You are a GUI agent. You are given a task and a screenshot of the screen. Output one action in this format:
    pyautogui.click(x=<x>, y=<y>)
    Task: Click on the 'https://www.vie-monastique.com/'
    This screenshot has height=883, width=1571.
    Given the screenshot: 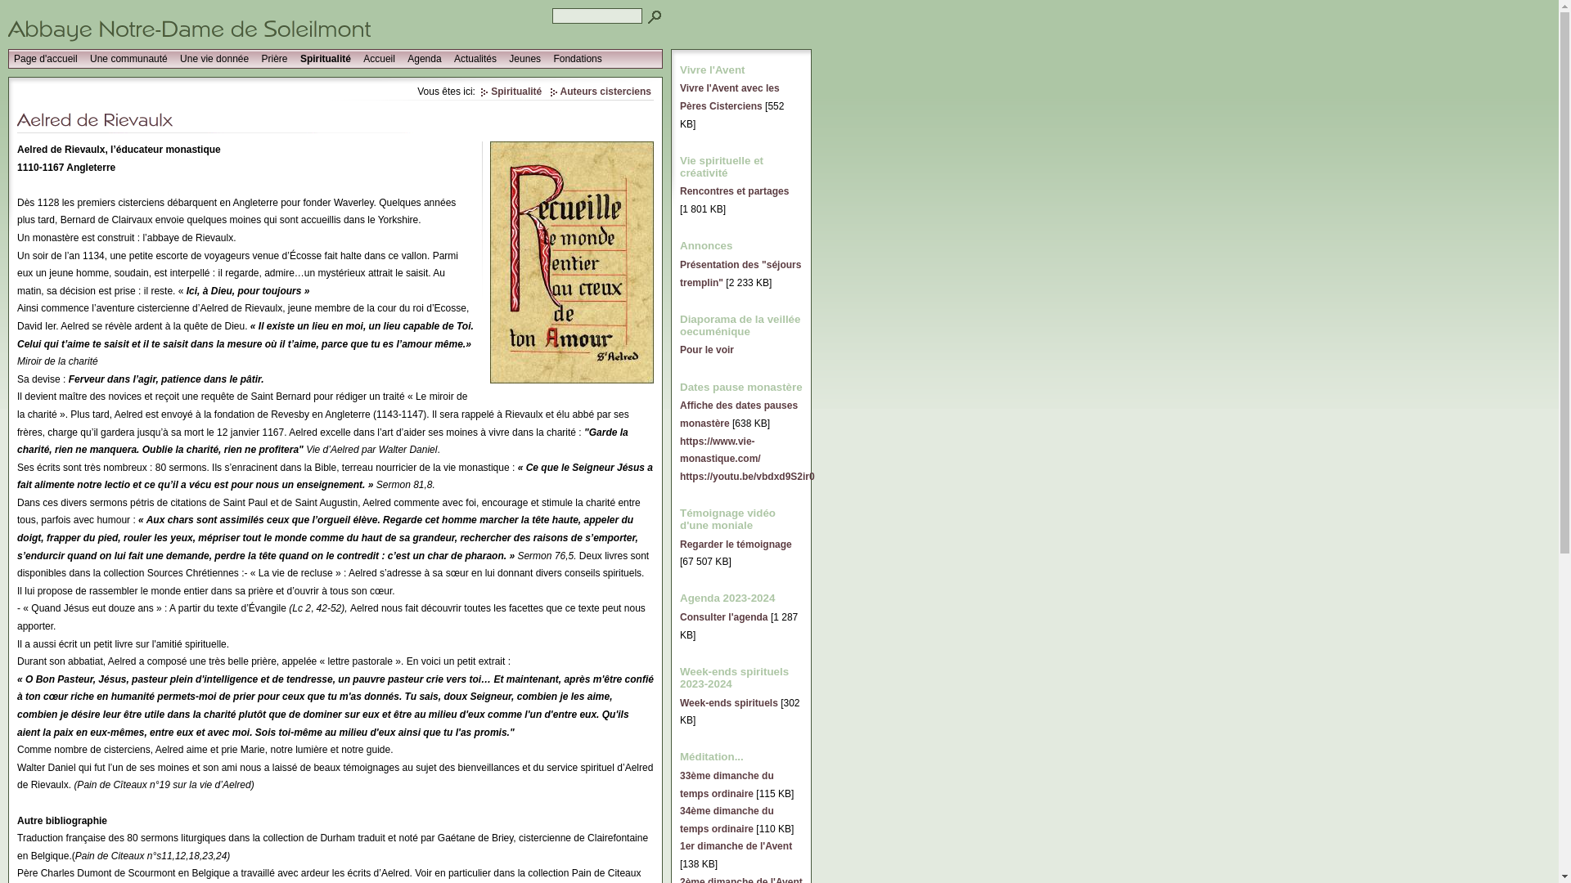 What is the action you would take?
    pyautogui.click(x=720, y=450)
    